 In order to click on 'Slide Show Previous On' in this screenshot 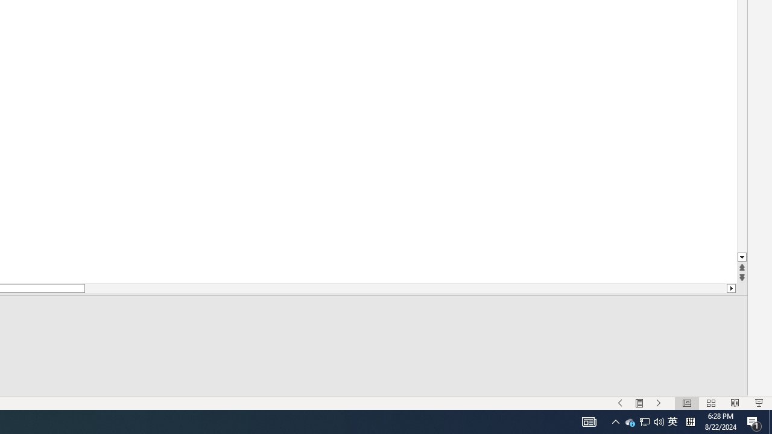, I will do `click(620, 403)`.